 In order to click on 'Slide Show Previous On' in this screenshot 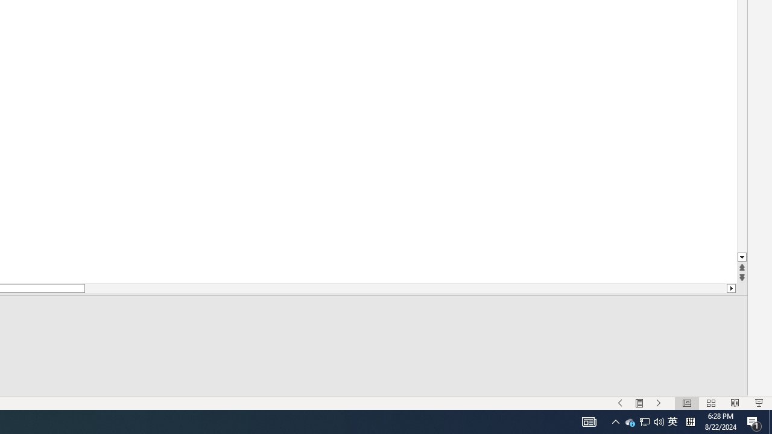, I will do `click(620, 403)`.